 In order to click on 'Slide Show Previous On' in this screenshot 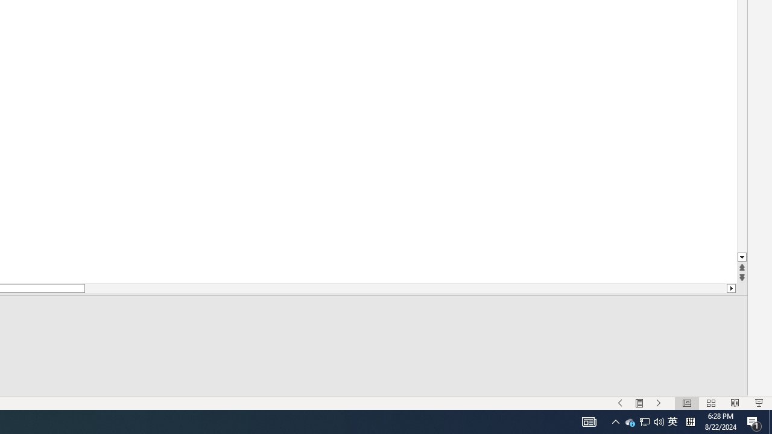, I will do `click(620, 403)`.